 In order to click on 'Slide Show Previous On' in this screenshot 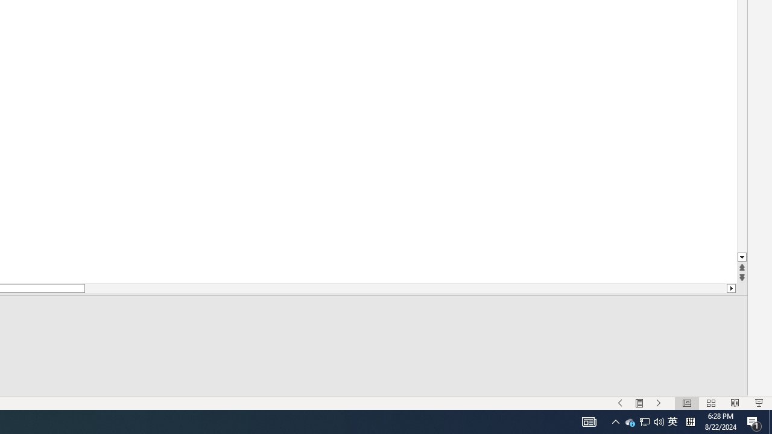, I will do `click(620, 403)`.